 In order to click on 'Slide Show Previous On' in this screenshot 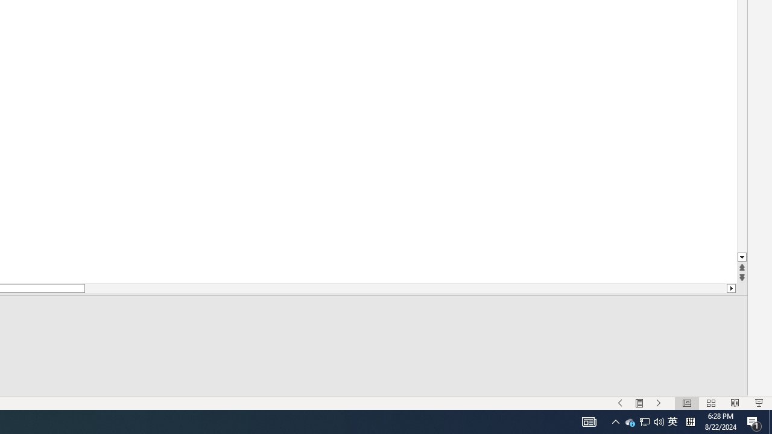, I will do `click(620, 403)`.